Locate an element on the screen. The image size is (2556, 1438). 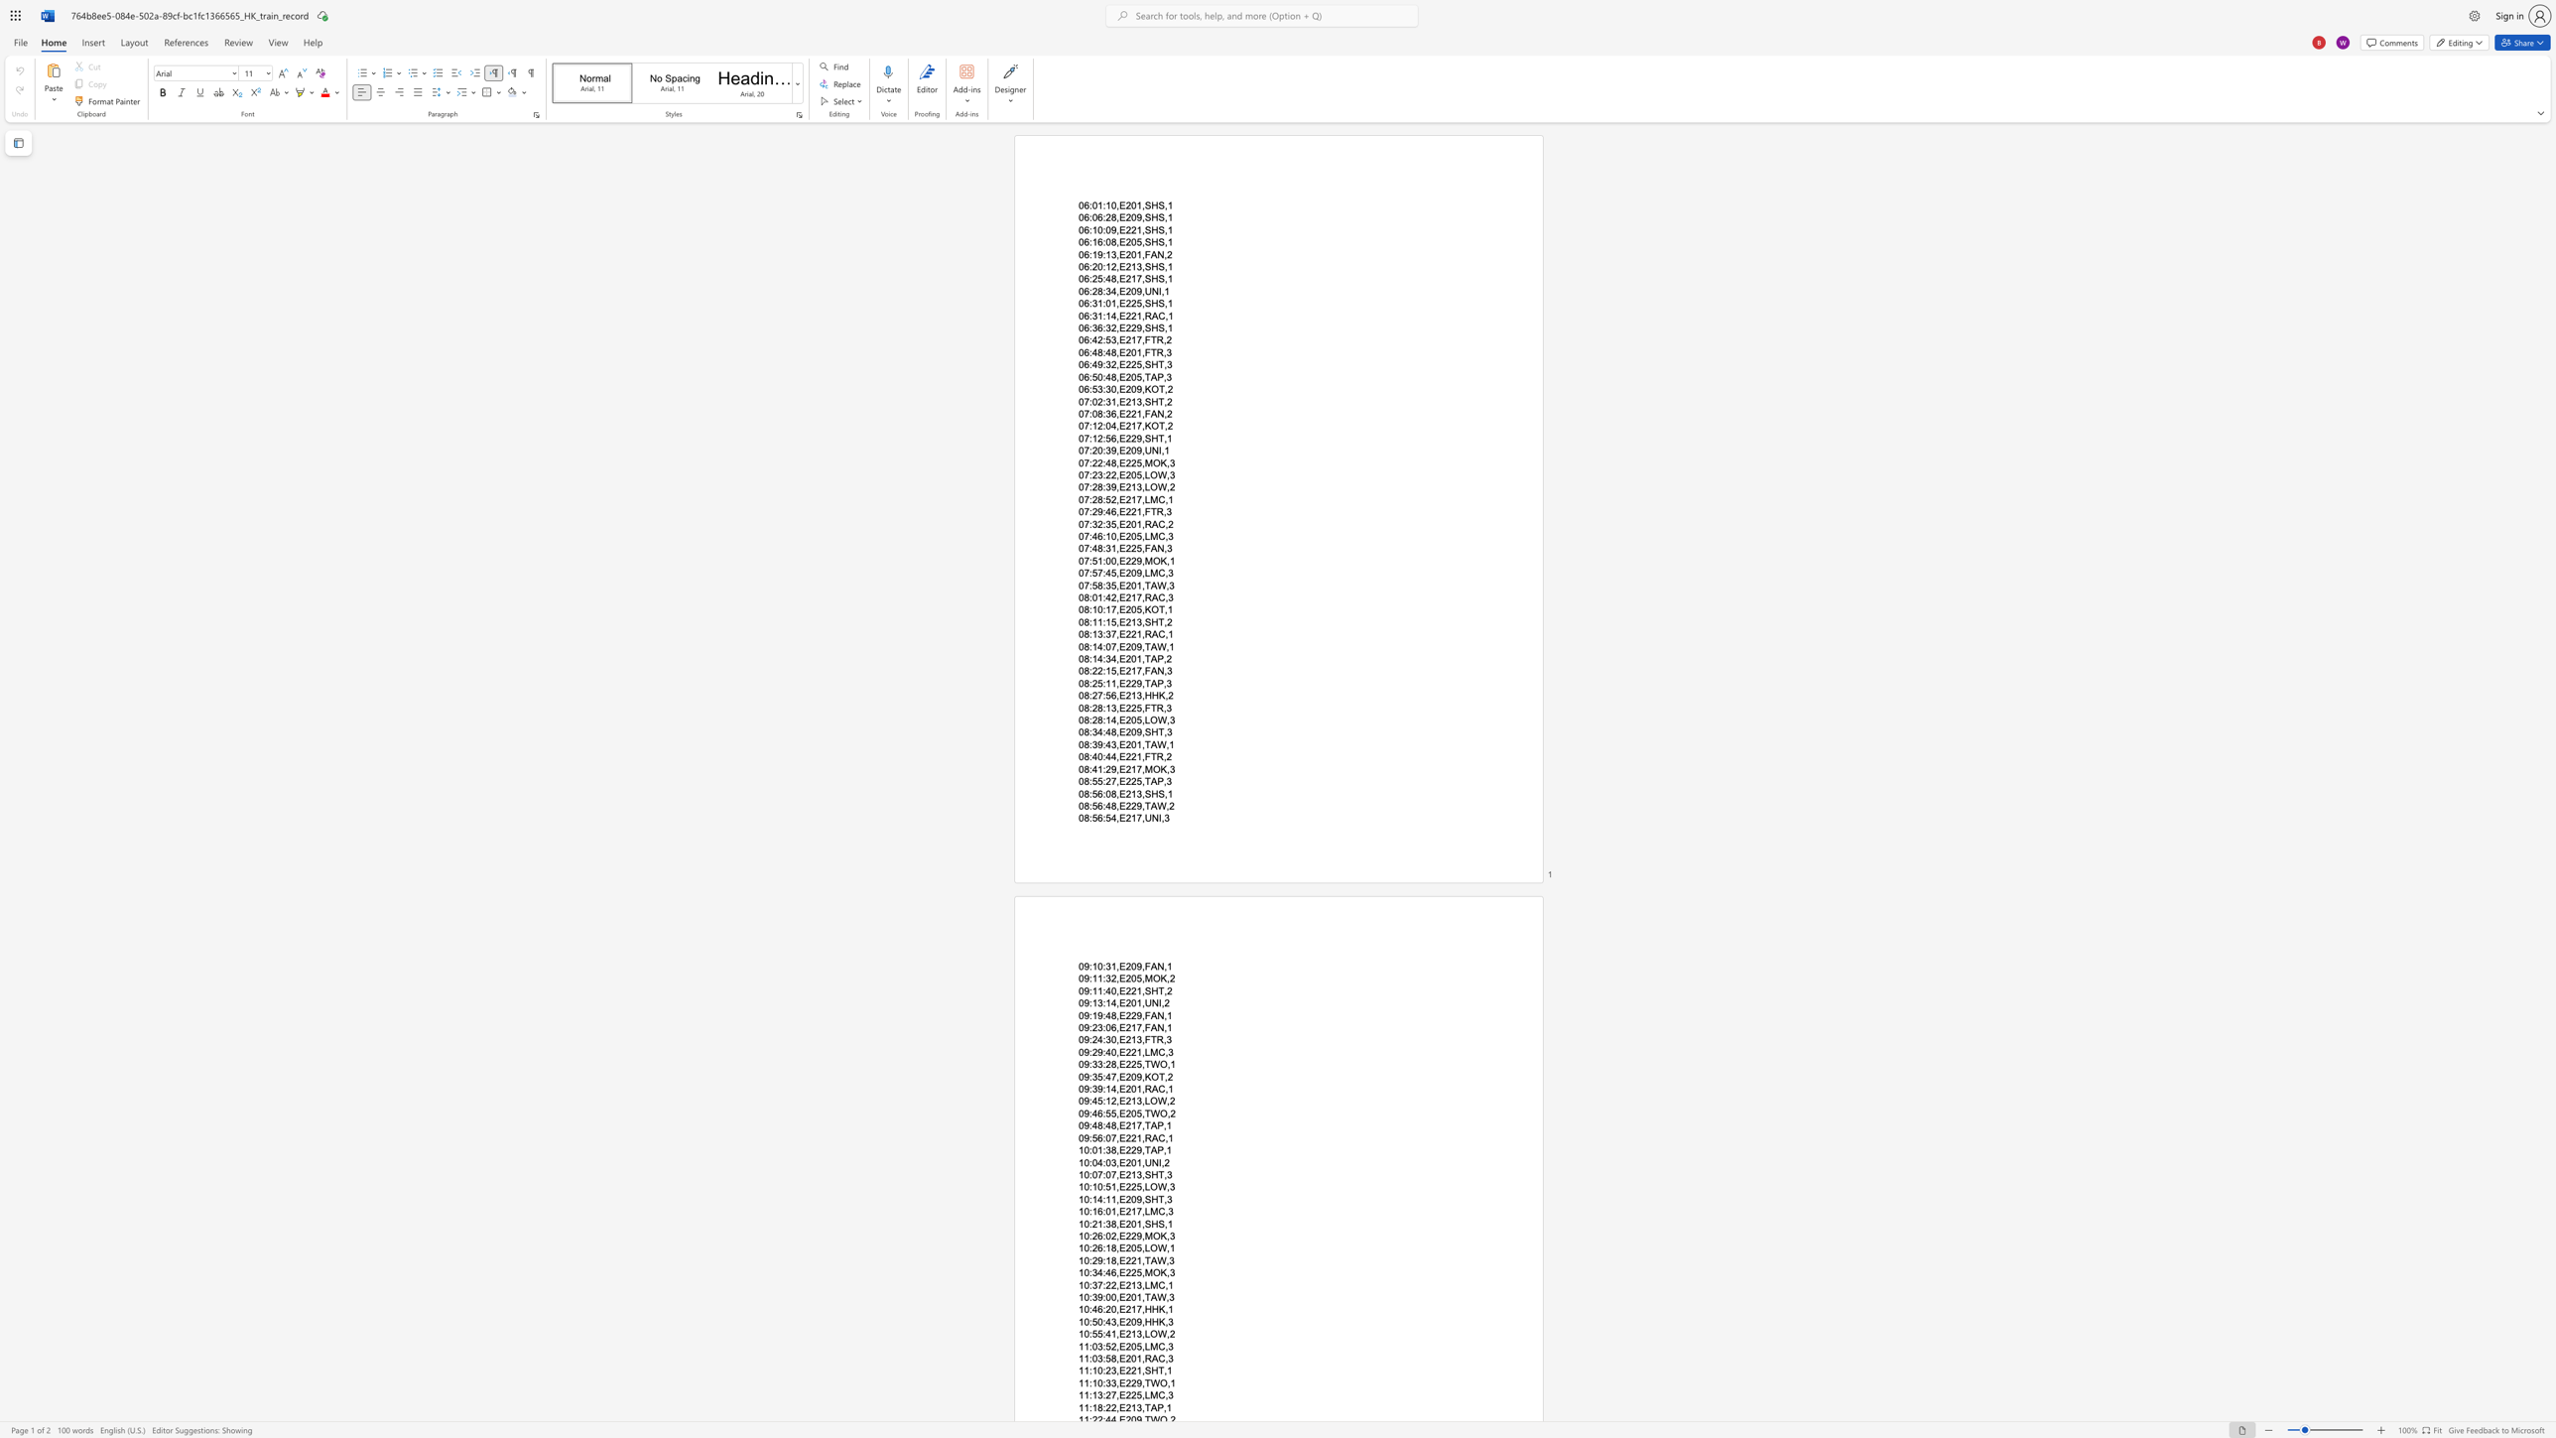
the space between the continuous character "0" and "5" in the text is located at coordinates (1135, 719).